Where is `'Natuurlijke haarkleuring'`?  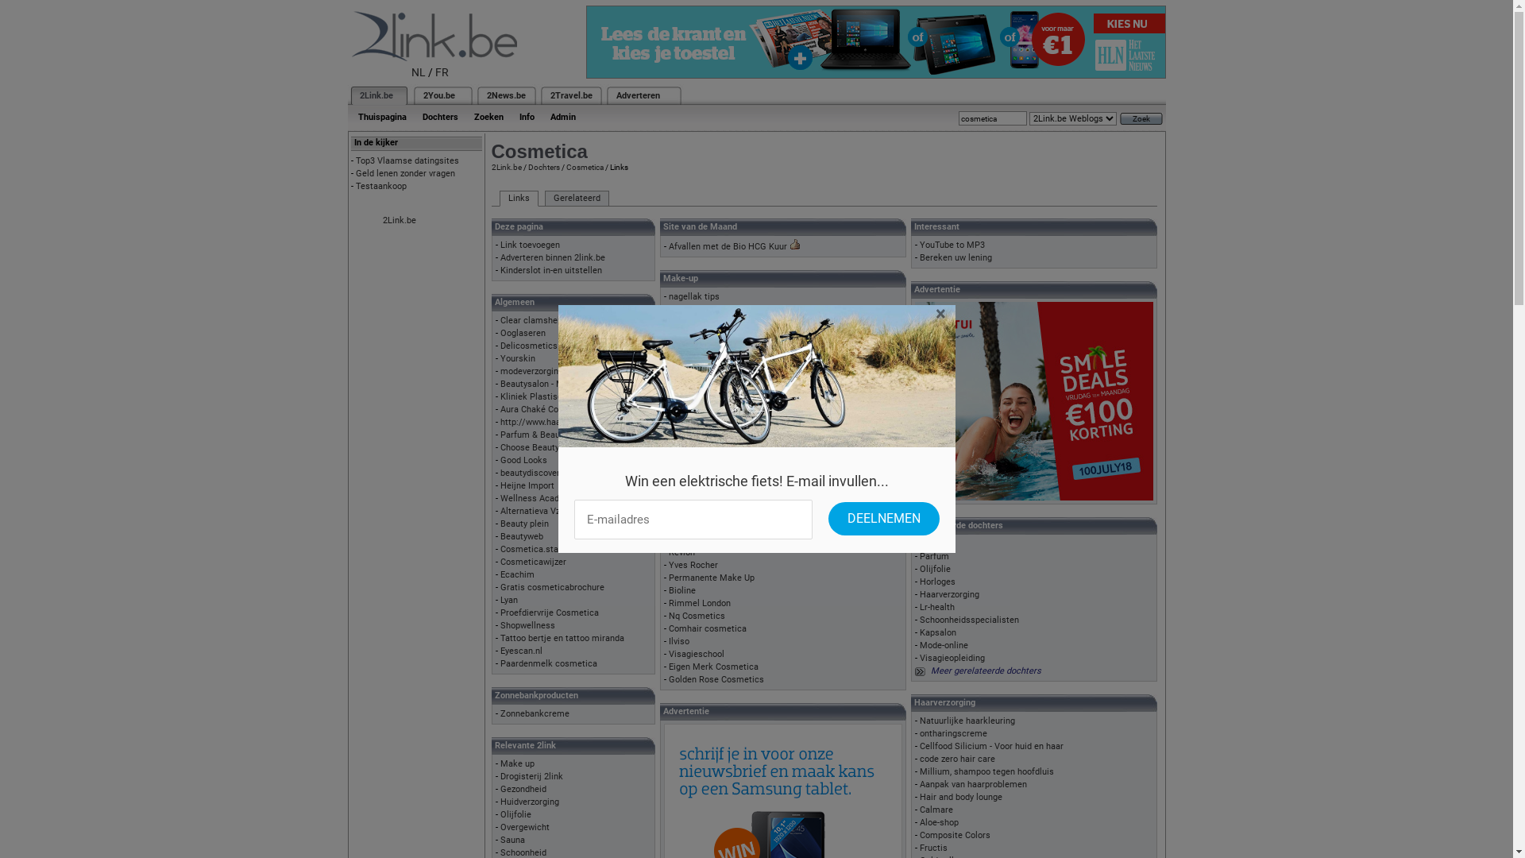 'Natuurlijke haarkleuring' is located at coordinates (967, 721).